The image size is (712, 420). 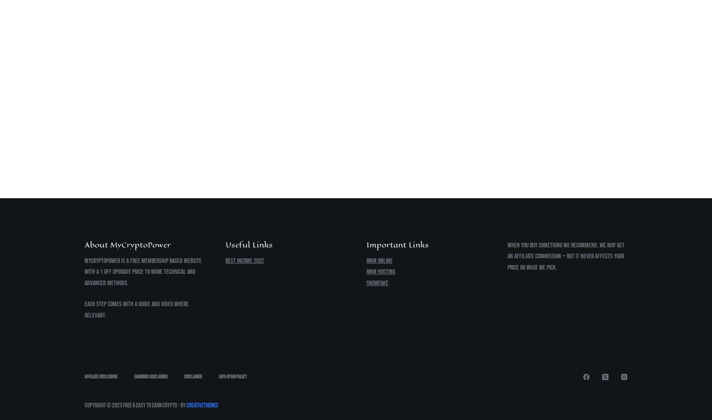 I want to click on 'When you buy something we recommend, we may get an affiliate commission — but it never affects your price or what we pick.', so click(x=566, y=256).